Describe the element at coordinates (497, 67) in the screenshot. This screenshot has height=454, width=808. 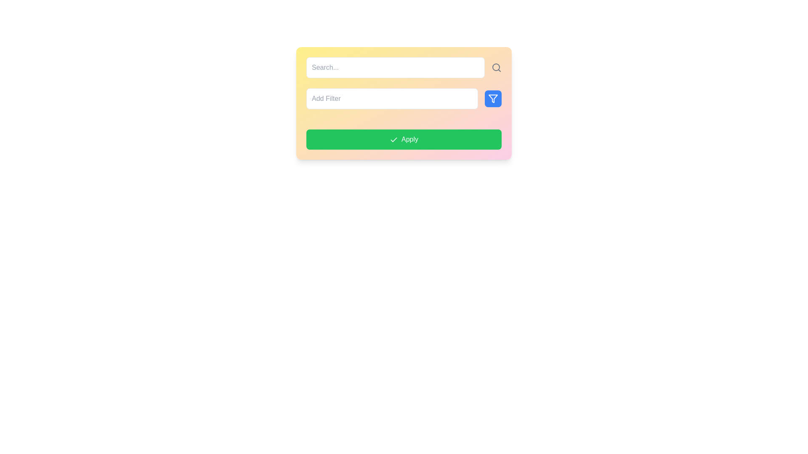
I see `the search icon located to the right of the search input field with a placeholder of 'Search...'` at that location.